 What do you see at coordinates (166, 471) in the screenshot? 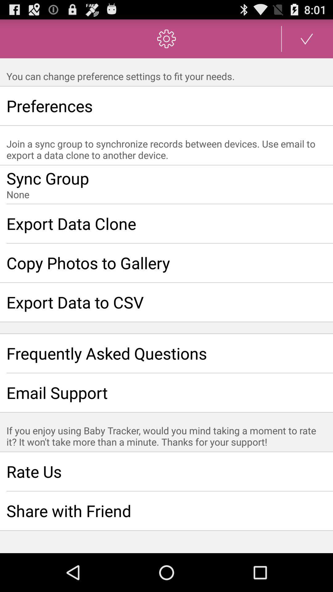
I see `rate us item` at bounding box center [166, 471].